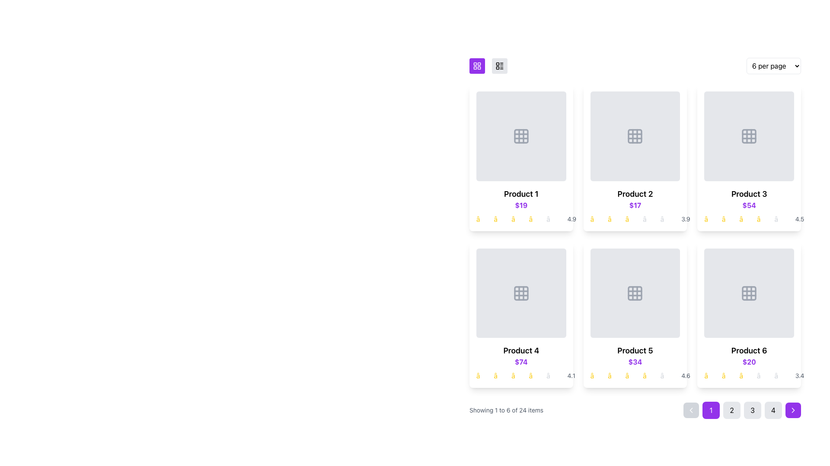 The width and height of the screenshot is (830, 466). Describe the element at coordinates (731, 410) in the screenshot. I see `the second pagination button with the number '2', which has a light gray background and changes to purple with white text on hover` at that location.